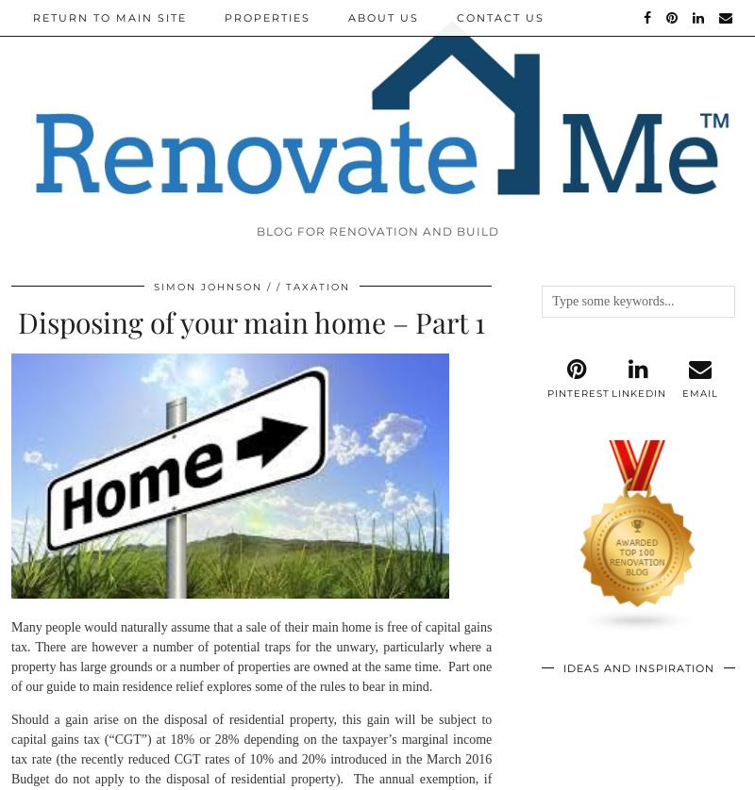 This screenshot has height=790, width=755. Describe the element at coordinates (109, 18) in the screenshot. I see `'Return to Main Site'` at that location.